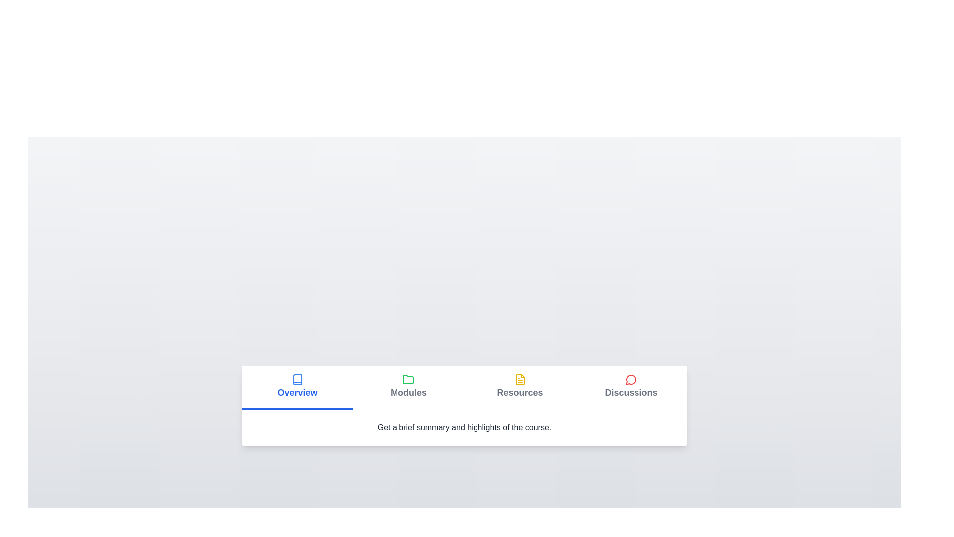 The width and height of the screenshot is (954, 537). What do you see at coordinates (297, 387) in the screenshot?
I see `the tab Overview to view its content` at bounding box center [297, 387].